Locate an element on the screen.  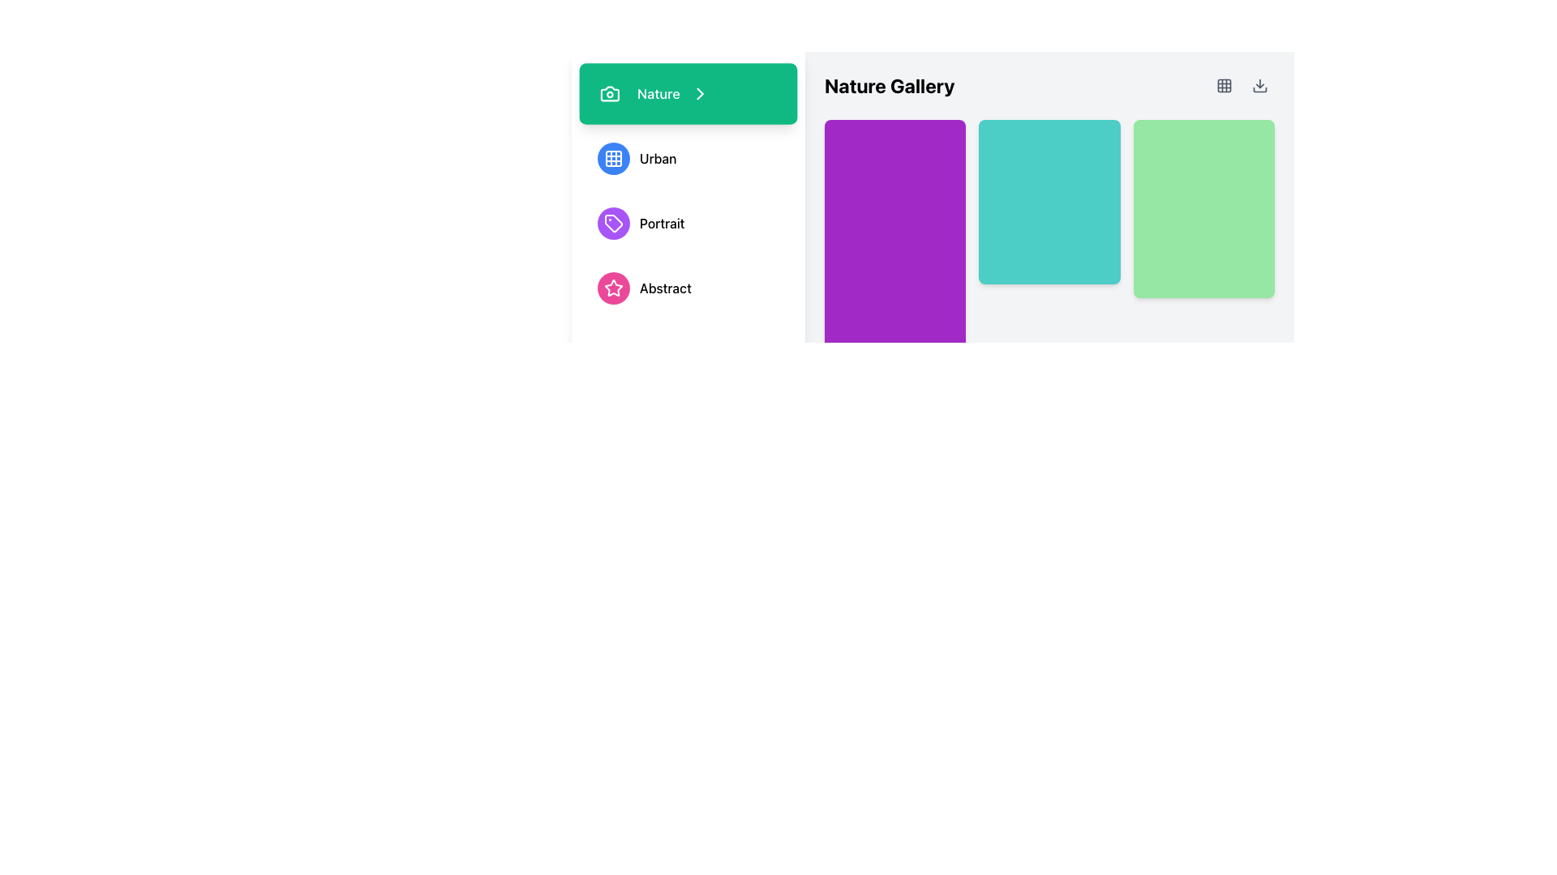
the 'Nature' text label, which is styled with medium font weight and positioned within a green rectangular background in a vertical navigation list is located at coordinates (658, 93).